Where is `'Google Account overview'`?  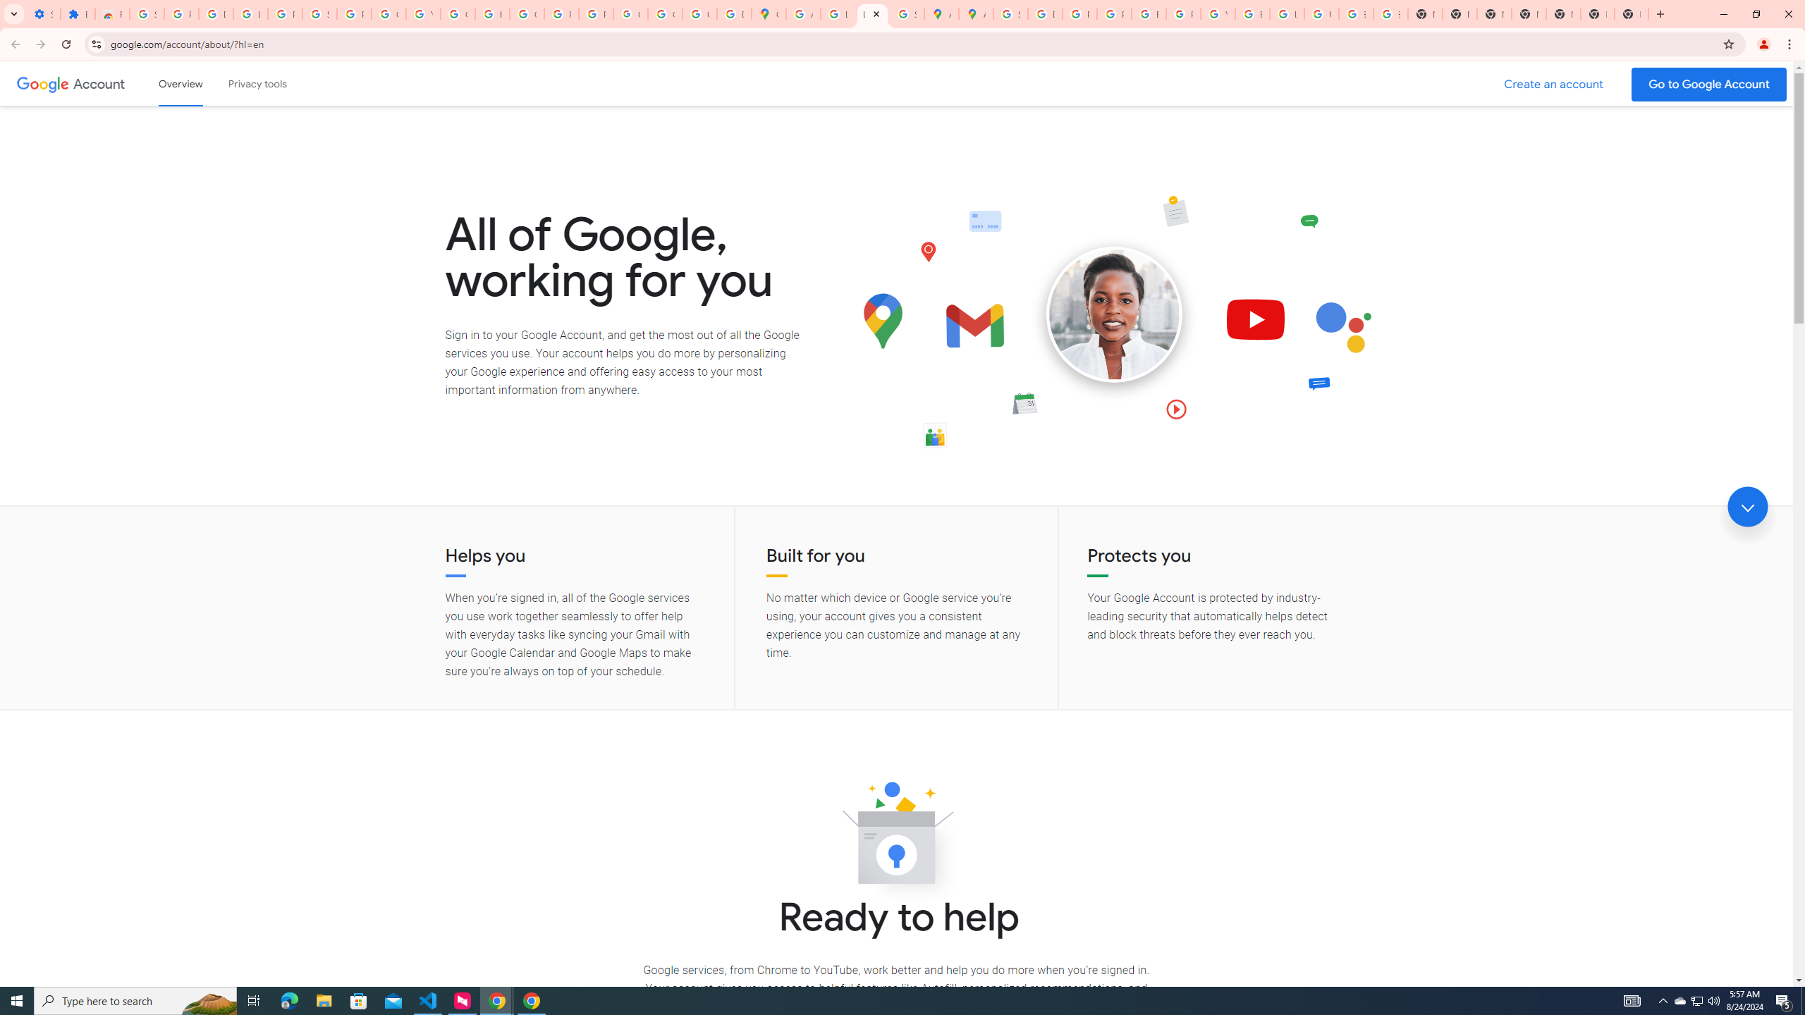
'Google Account overview' is located at coordinates (180, 83).